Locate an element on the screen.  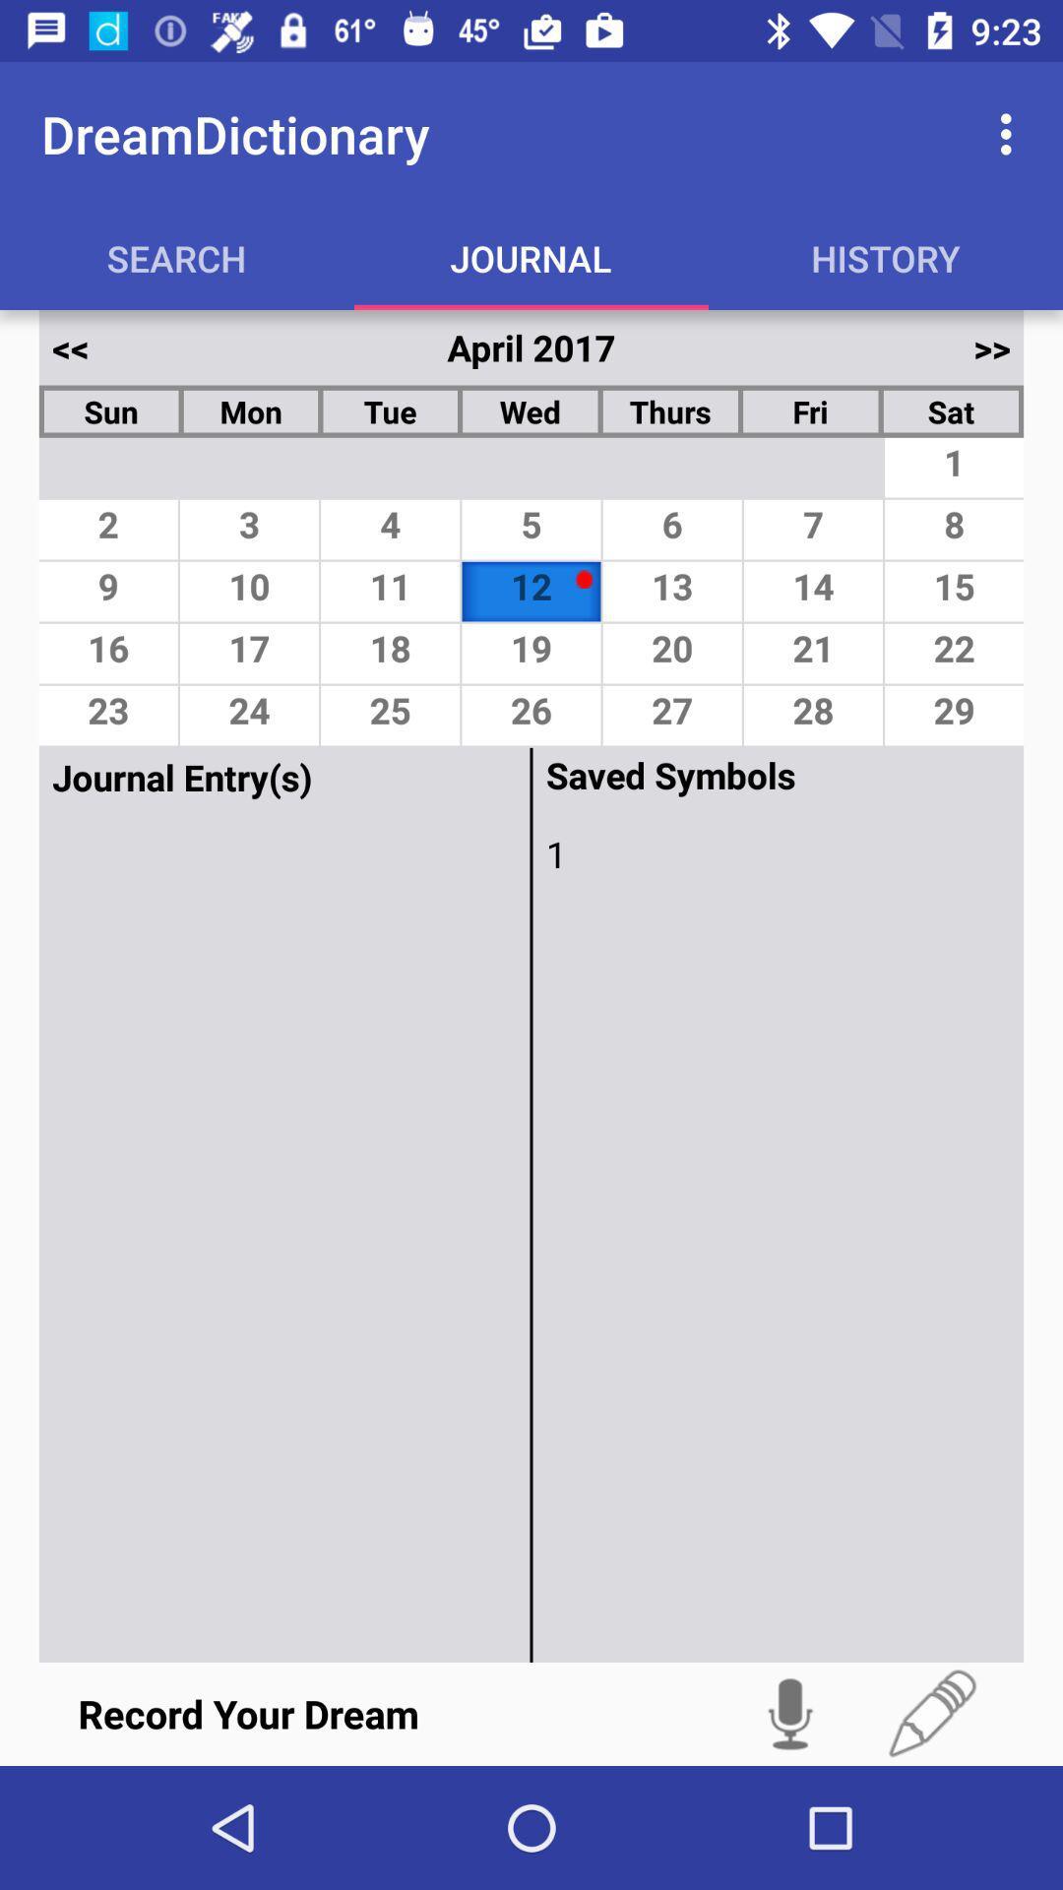
icon next to dreamdictionary is located at coordinates (1011, 133).